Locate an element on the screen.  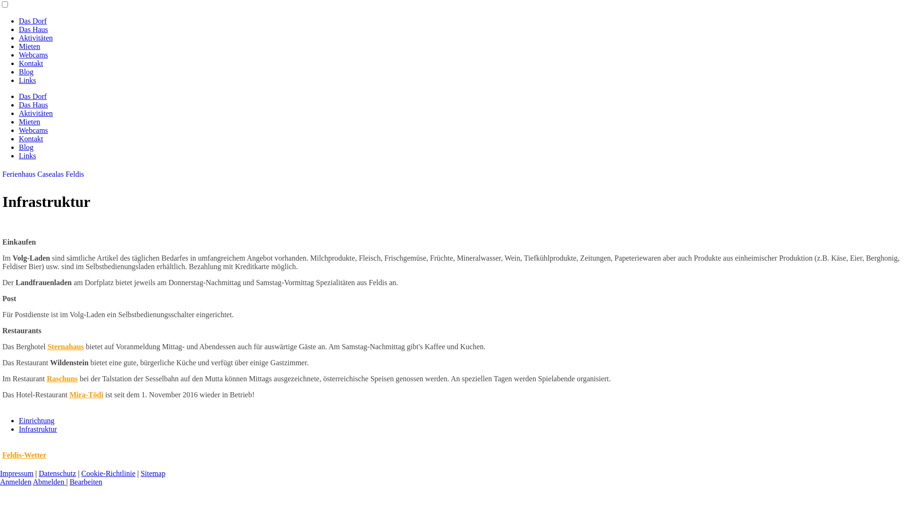
'Cookie-Richtlinie' is located at coordinates (108, 473).